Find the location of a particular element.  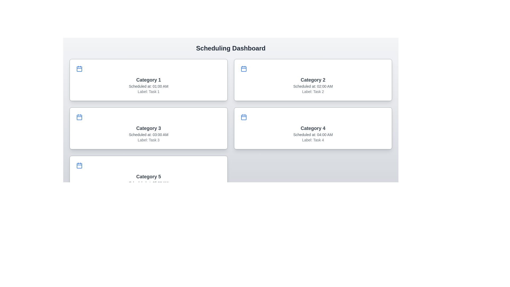

the fourth scheduling card is located at coordinates (313, 128).